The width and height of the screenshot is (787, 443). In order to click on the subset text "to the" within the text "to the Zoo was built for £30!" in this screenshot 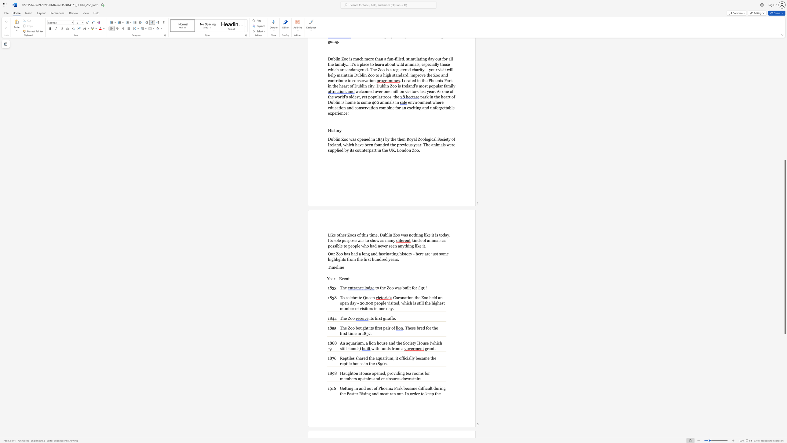, I will do `click(375, 288)`.